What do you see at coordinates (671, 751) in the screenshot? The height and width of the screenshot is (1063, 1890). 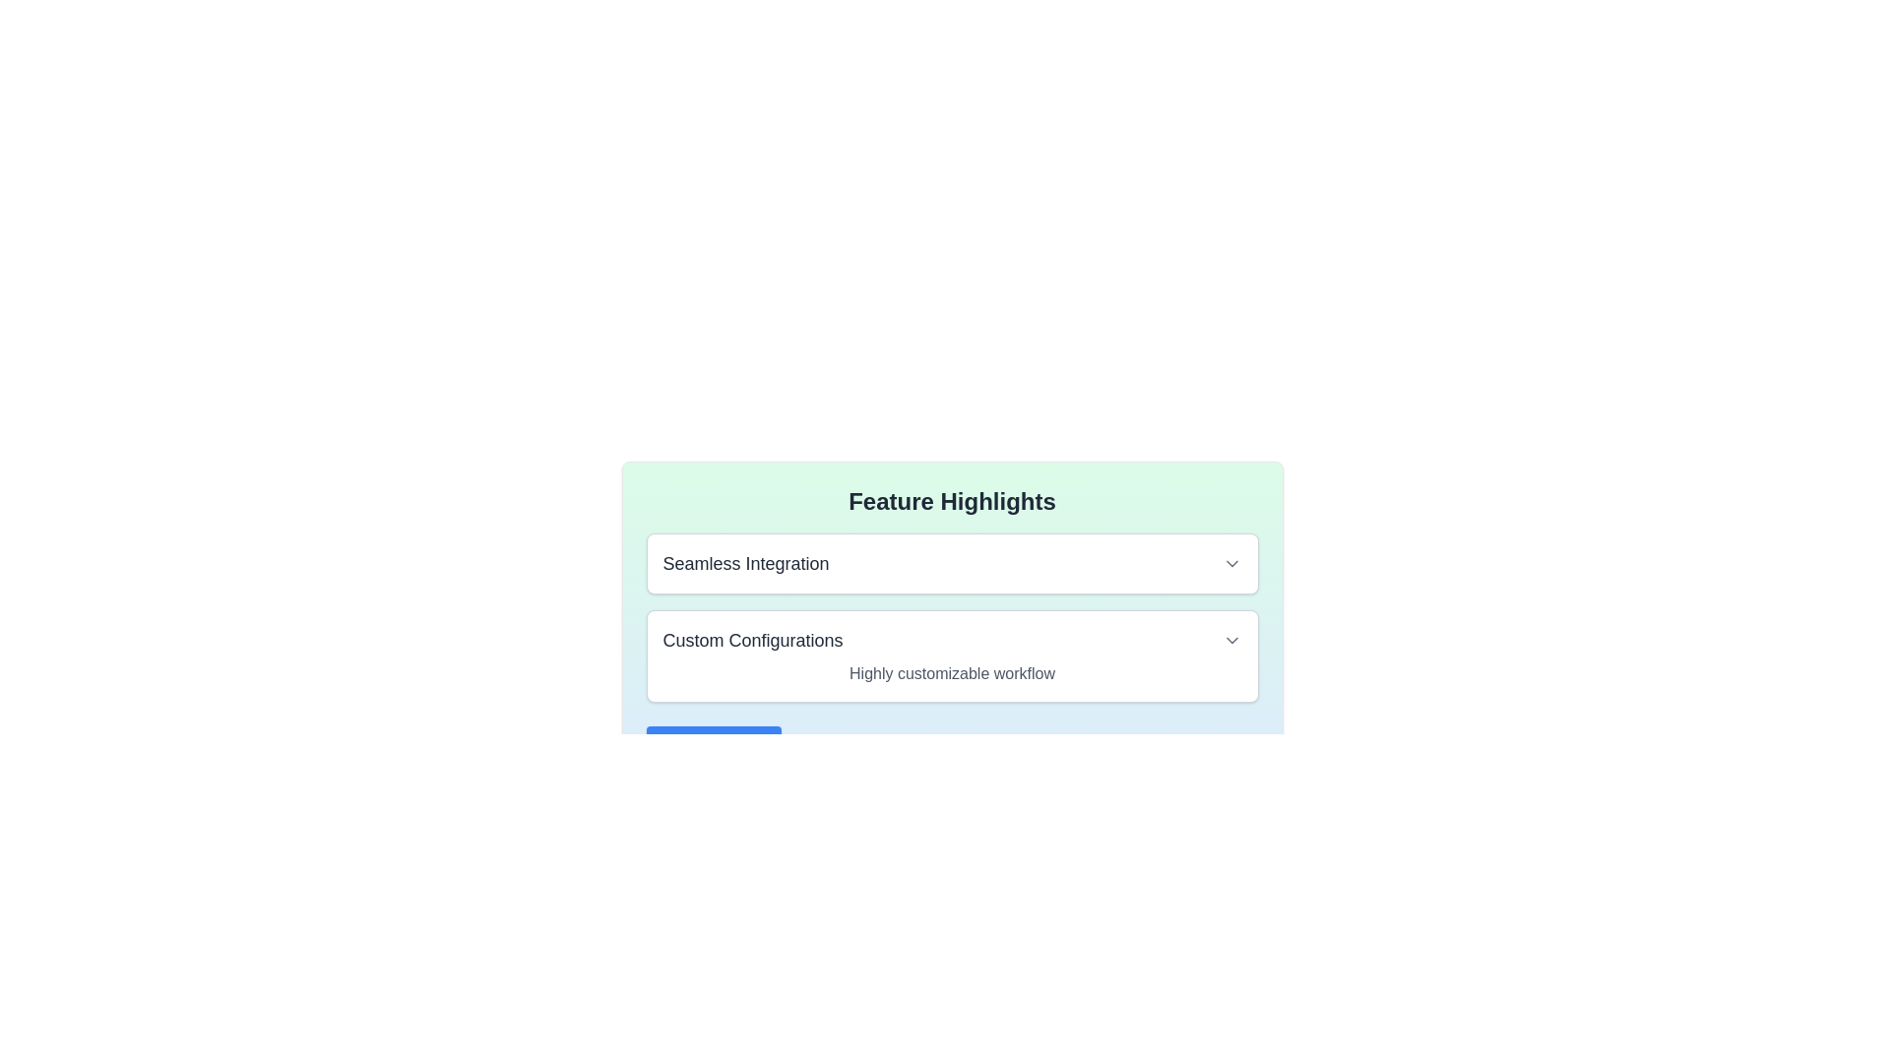 I see `the graphical representation of the 'Add' action icon located within the 'Add Feature' button, positioned to the left of the button text` at bounding box center [671, 751].